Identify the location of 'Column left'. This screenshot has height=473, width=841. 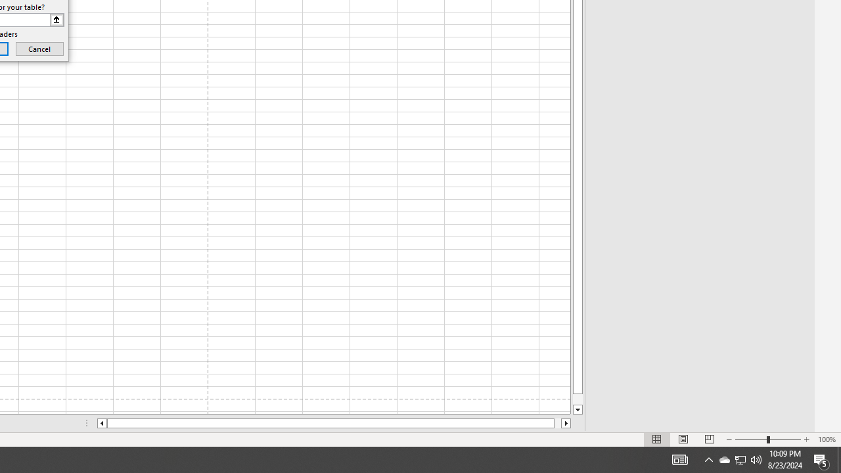
(101, 423).